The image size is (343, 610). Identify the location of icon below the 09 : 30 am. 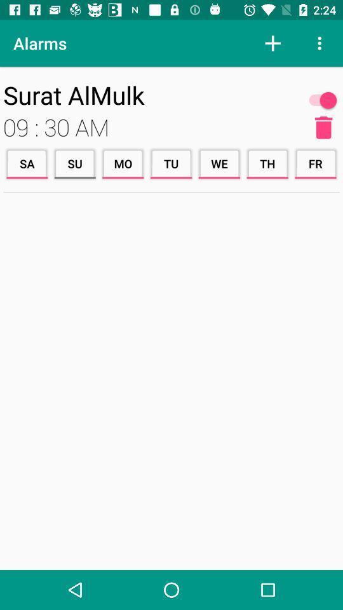
(171, 163).